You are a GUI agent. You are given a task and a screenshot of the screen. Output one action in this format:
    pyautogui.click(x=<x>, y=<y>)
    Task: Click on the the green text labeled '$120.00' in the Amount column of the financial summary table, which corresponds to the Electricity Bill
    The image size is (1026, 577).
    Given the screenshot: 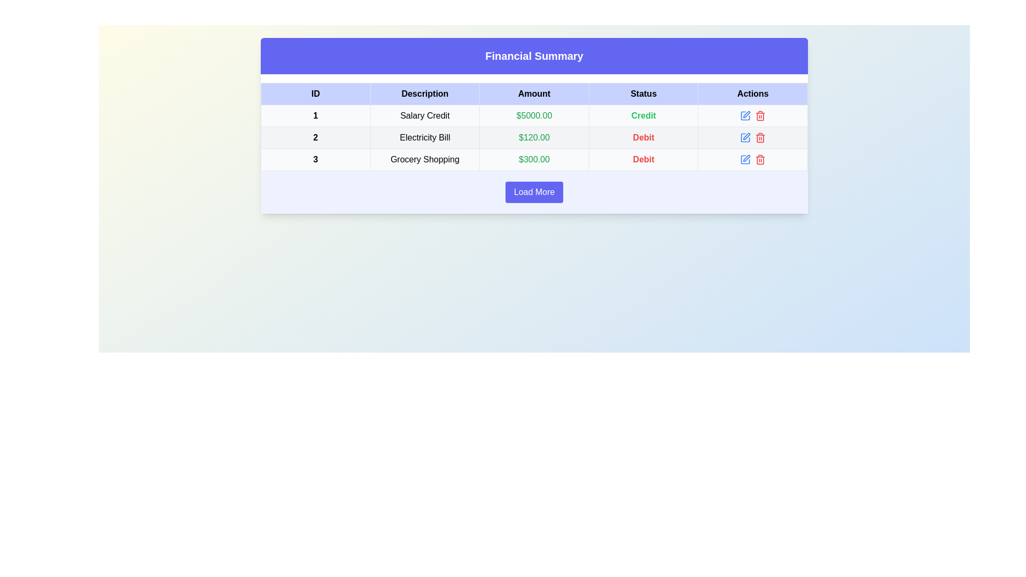 What is the action you would take?
    pyautogui.click(x=534, y=137)
    